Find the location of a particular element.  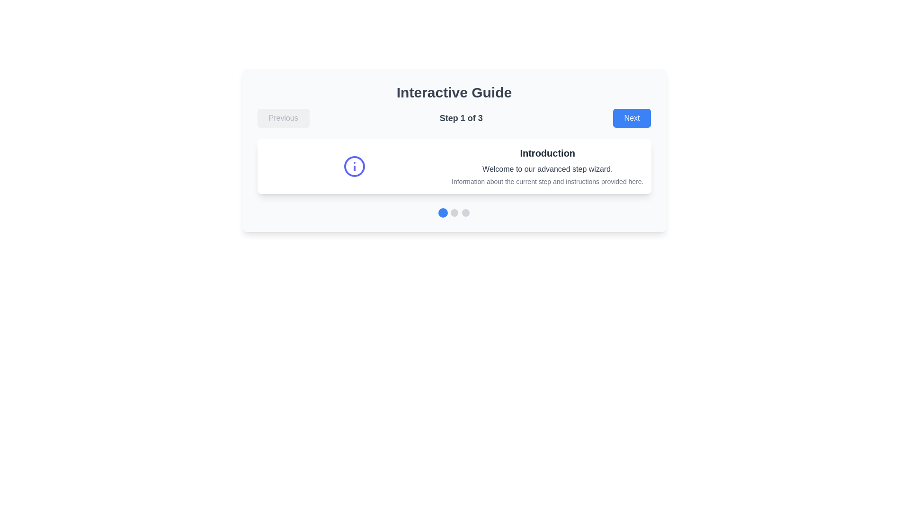

the middle circular indicator of the progress indicator steps, which is larger and lighter gray in color, located at the bottom of the content box labeled 'Introduction' is located at coordinates (454, 213).